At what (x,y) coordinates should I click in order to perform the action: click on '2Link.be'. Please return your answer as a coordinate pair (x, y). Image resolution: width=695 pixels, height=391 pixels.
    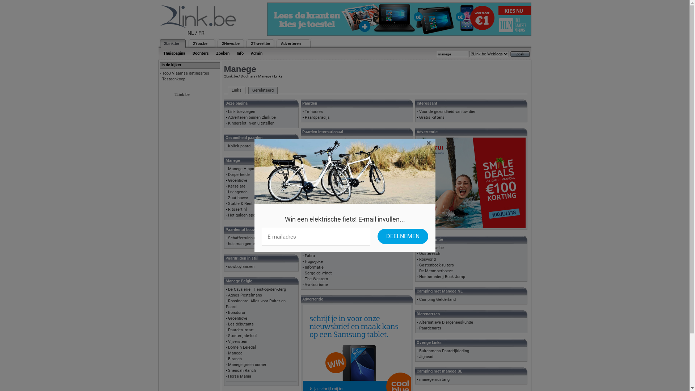
    Looking at the image, I should click on (182, 94).